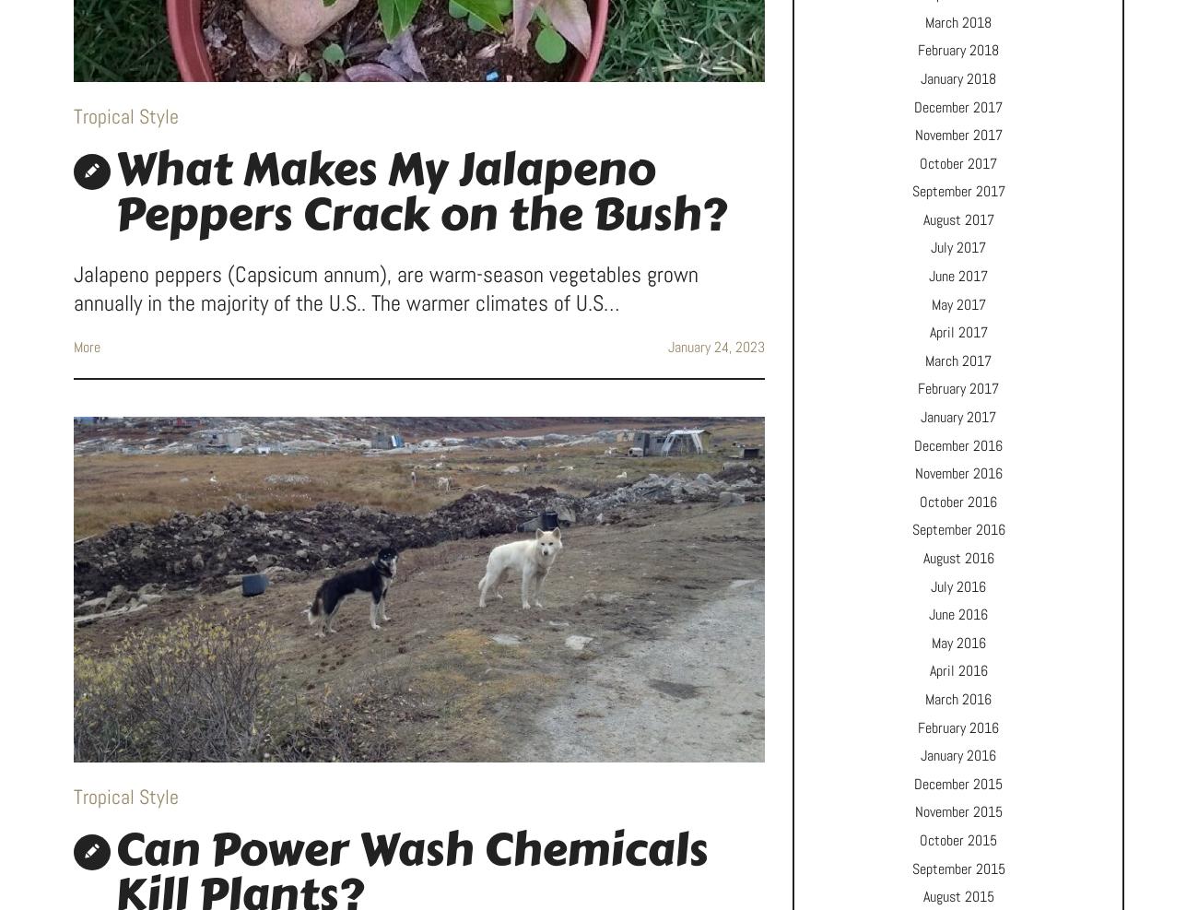  What do you see at coordinates (958, 585) in the screenshot?
I see `'July 2016'` at bounding box center [958, 585].